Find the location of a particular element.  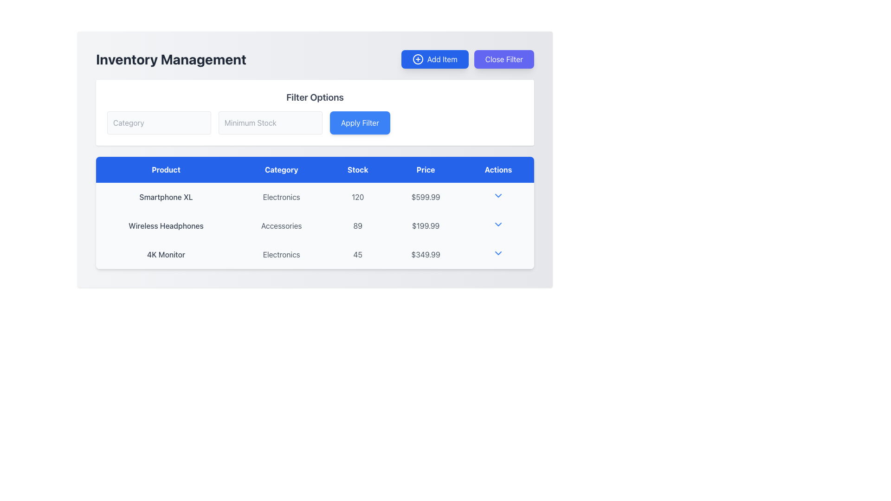

the text label that identifies the first product entry, which is located in the 'Product' column of the inventory table is located at coordinates (166, 196).